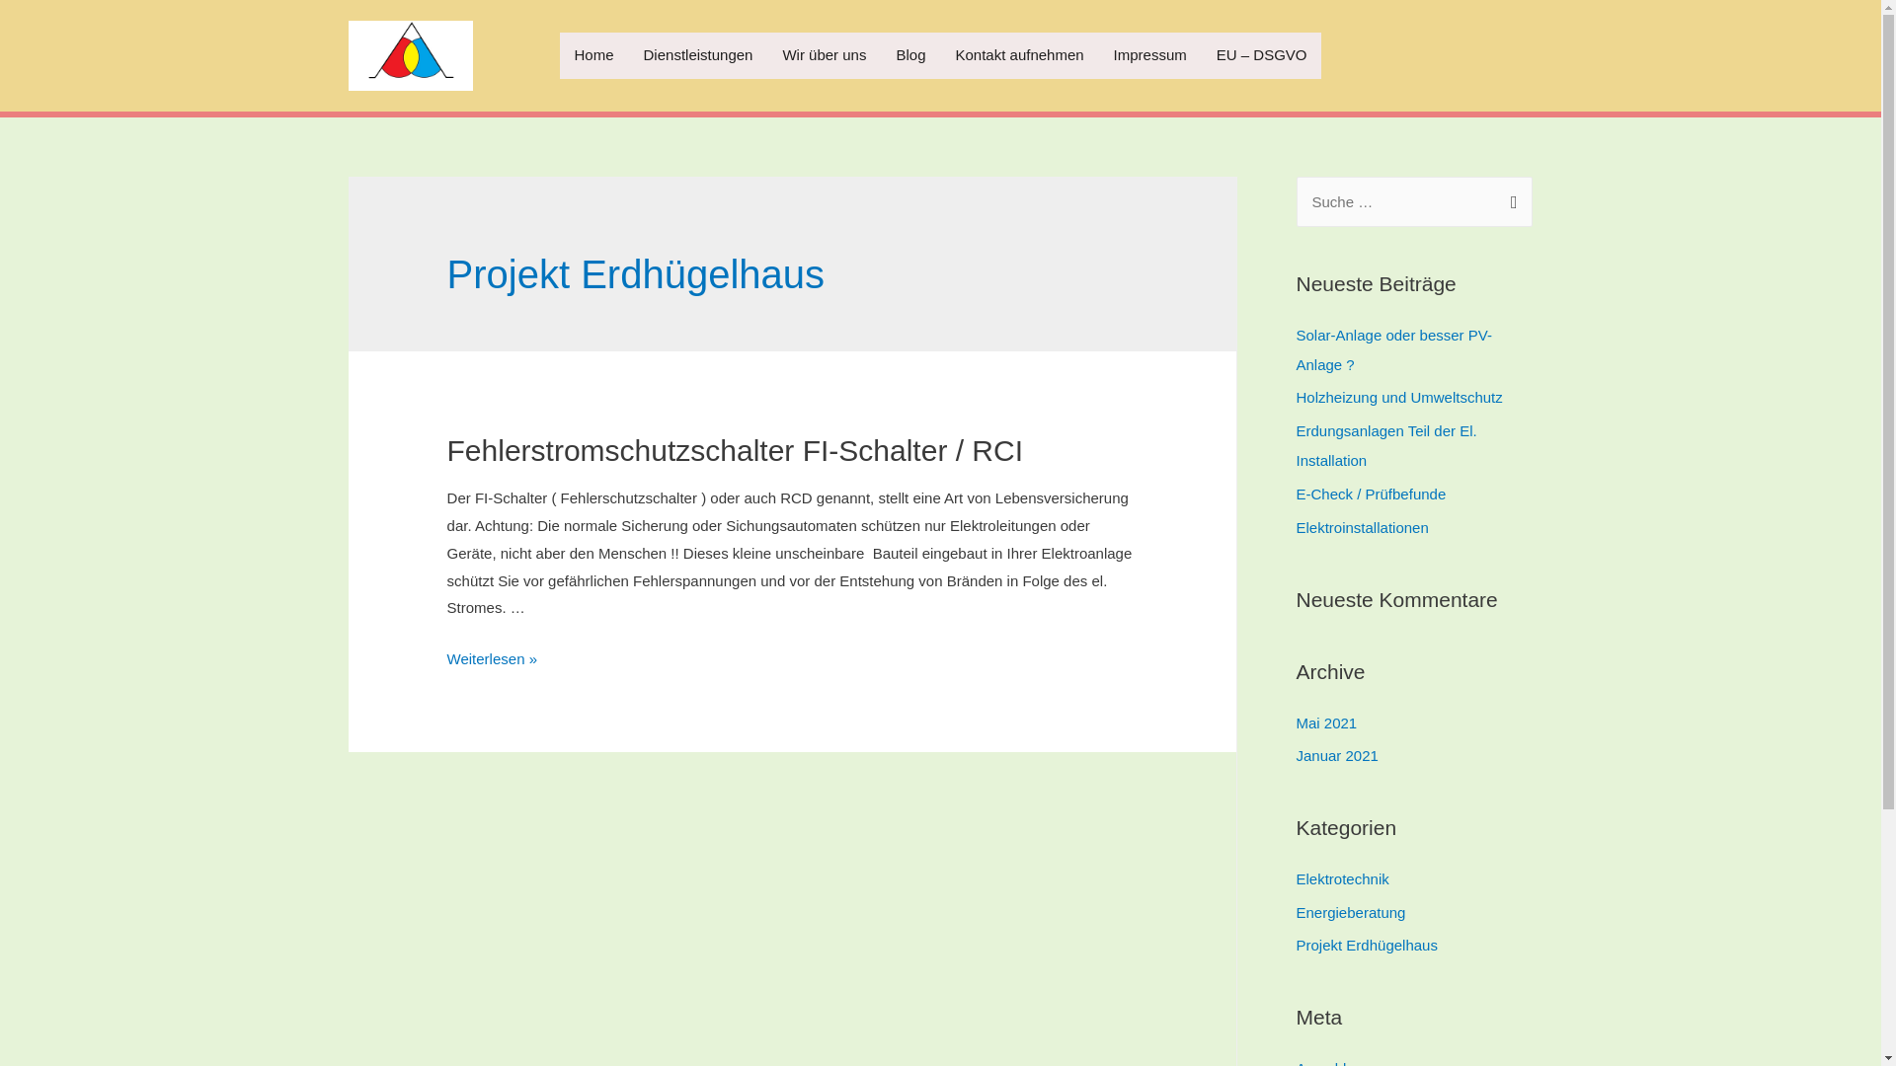 The width and height of the screenshot is (1896, 1066). What do you see at coordinates (1295, 397) in the screenshot?
I see `'Holzheizung und Umweltschutz'` at bounding box center [1295, 397].